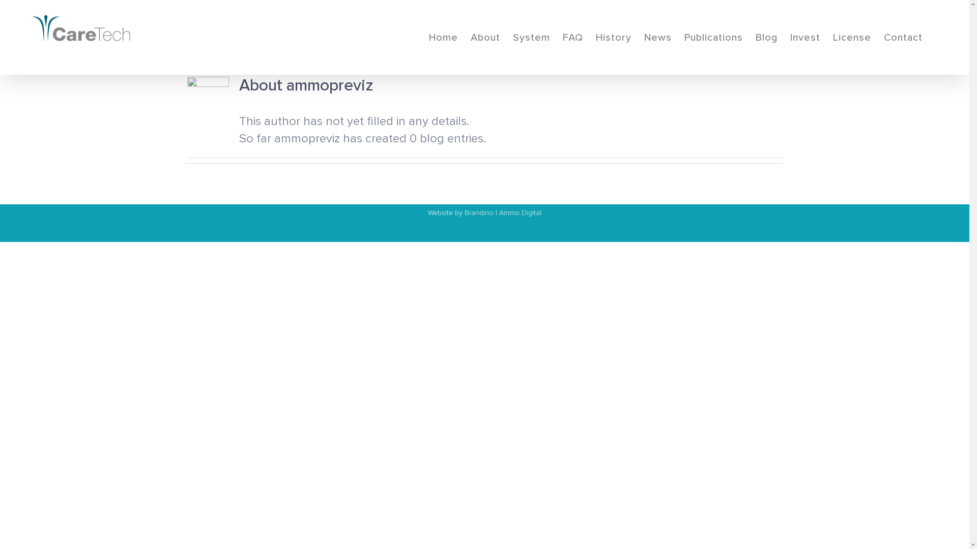 Image resolution: width=977 pixels, height=549 pixels. I want to click on 'Brandino', so click(478, 212).